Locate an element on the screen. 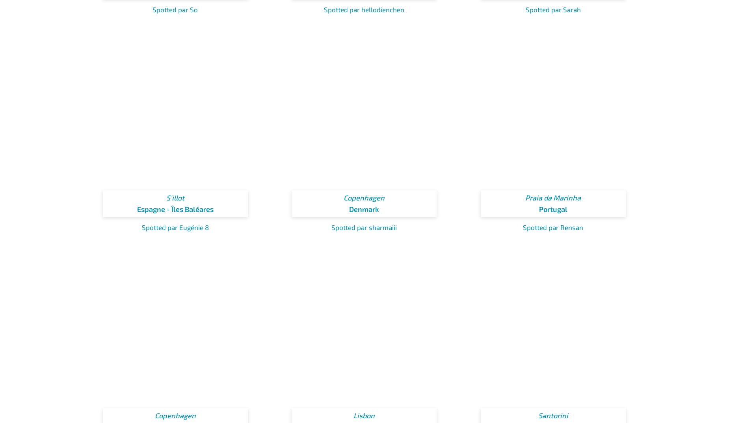 The height and width of the screenshot is (423, 729). 'Santorini' is located at coordinates (553, 415).